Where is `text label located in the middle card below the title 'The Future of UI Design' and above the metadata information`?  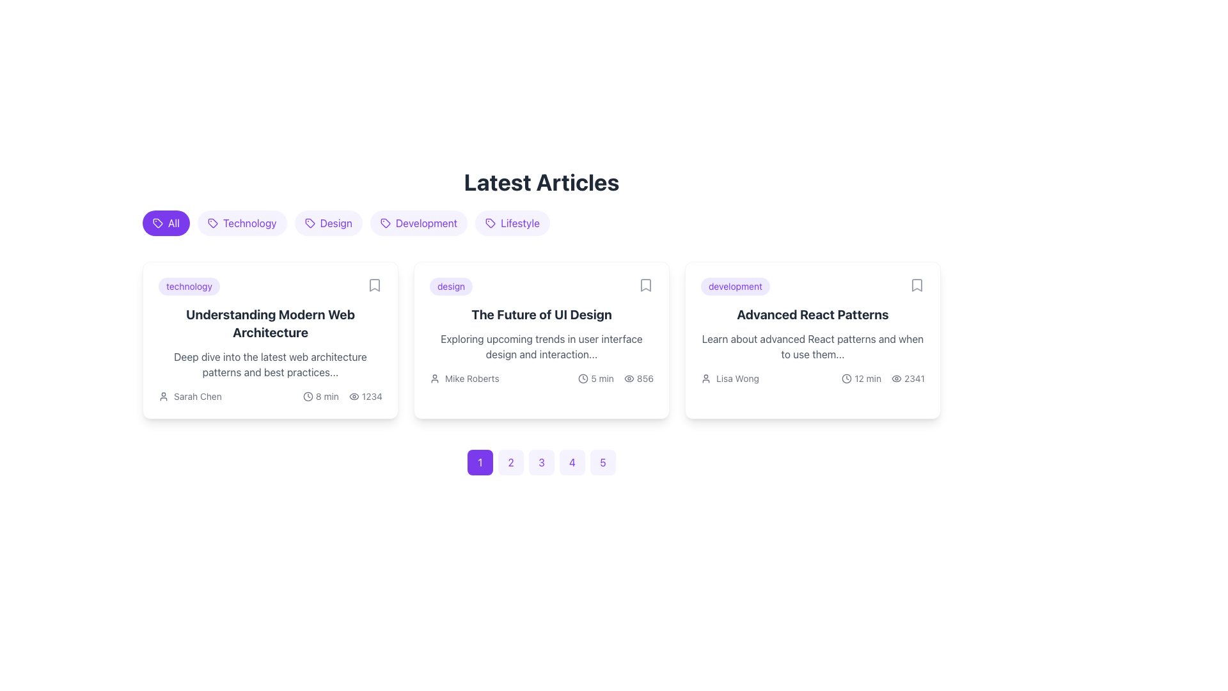
text label located in the middle card below the title 'The Future of UI Design' and above the metadata information is located at coordinates (541, 347).